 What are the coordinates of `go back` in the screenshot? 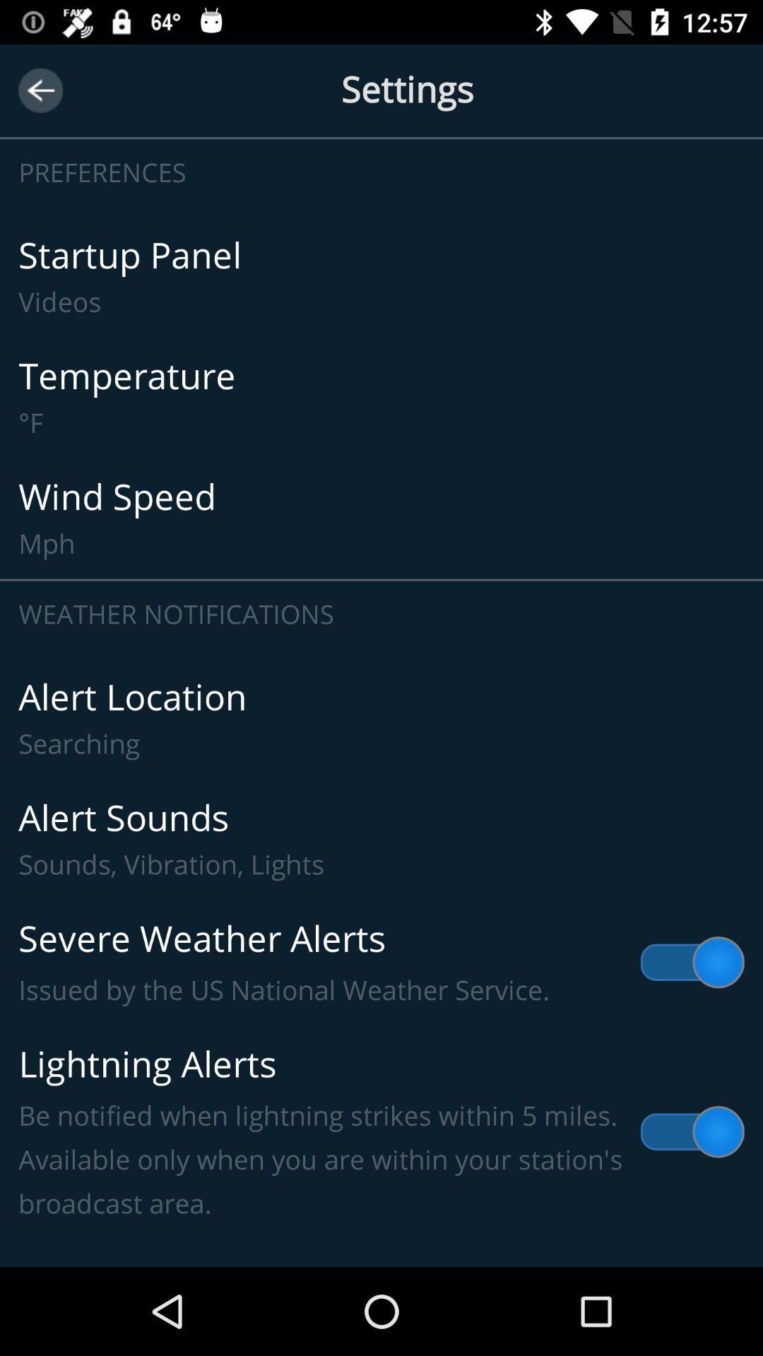 It's located at (40, 90).